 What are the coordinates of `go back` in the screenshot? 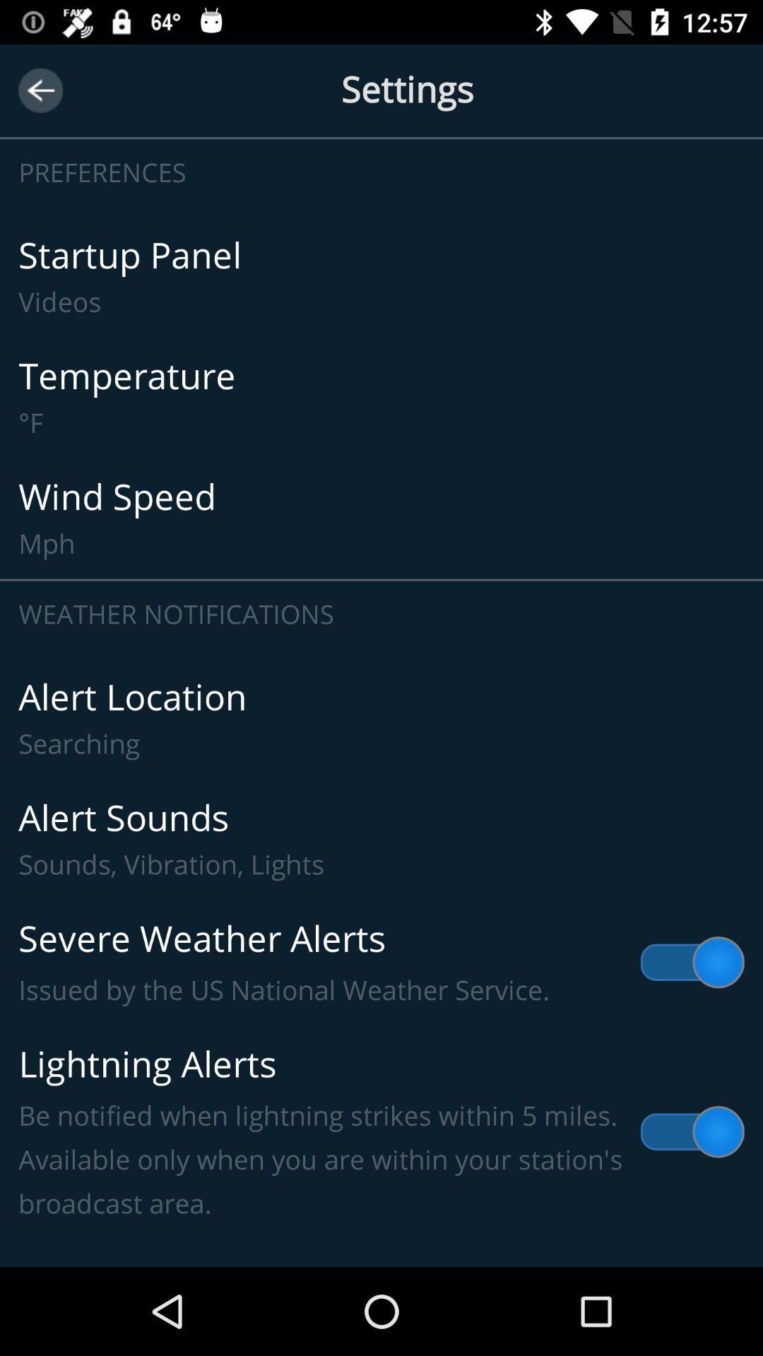 It's located at (40, 90).